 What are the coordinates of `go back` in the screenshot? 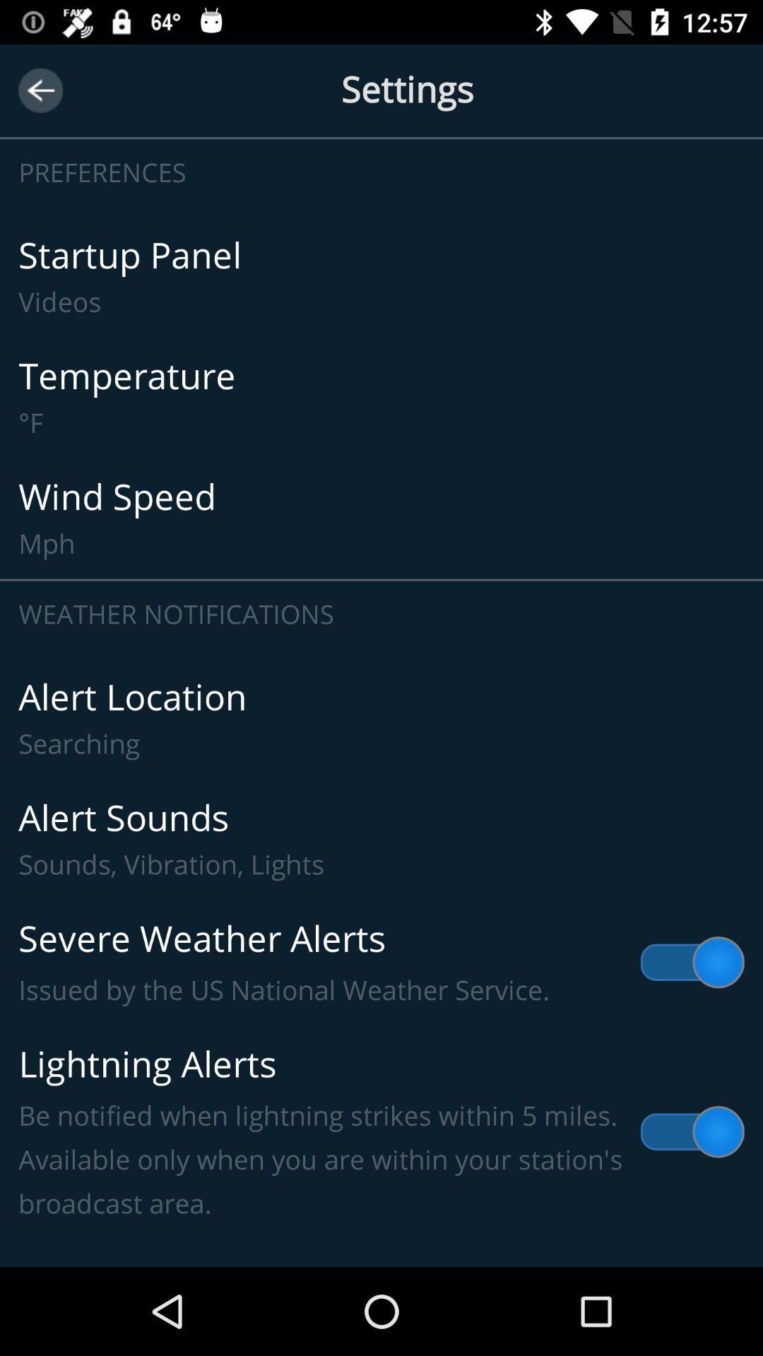 It's located at (40, 90).